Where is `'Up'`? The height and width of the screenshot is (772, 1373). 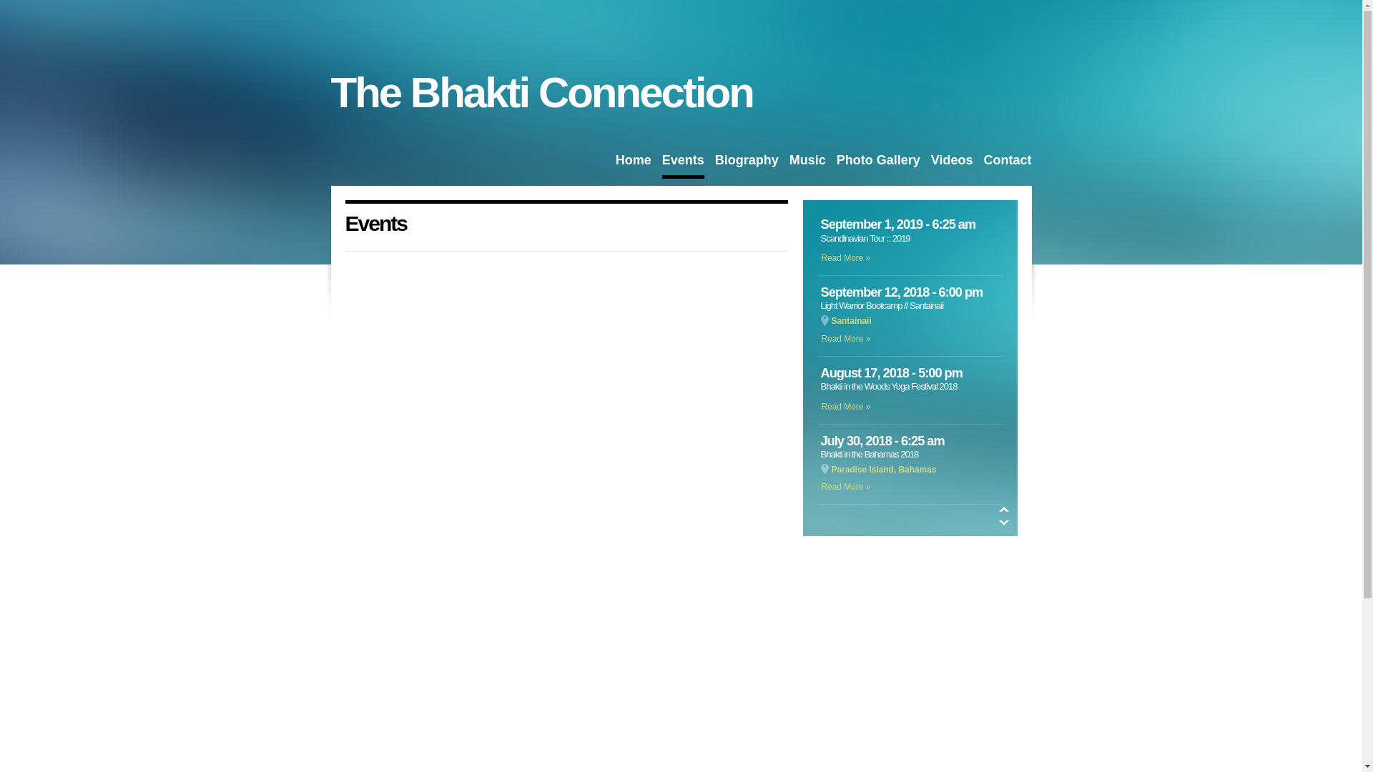
'Up' is located at coordinates (998, 508).